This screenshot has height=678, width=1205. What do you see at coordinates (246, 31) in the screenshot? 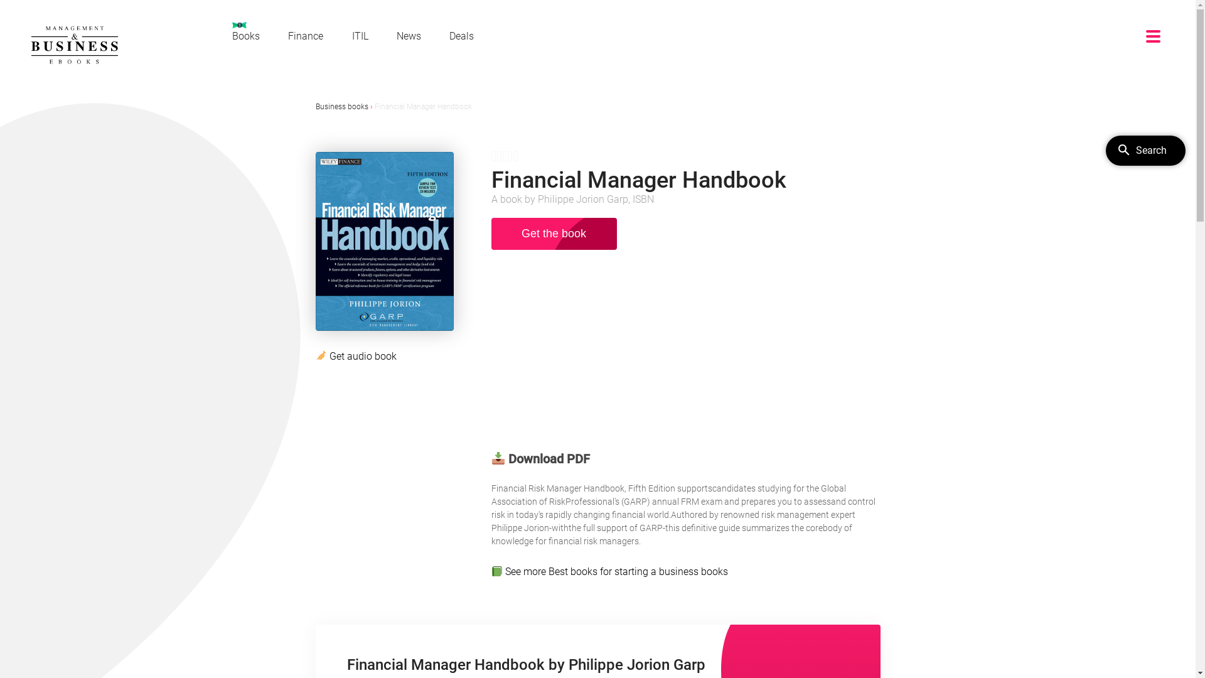
I see `'Books'` at bounding box center [246, 31].